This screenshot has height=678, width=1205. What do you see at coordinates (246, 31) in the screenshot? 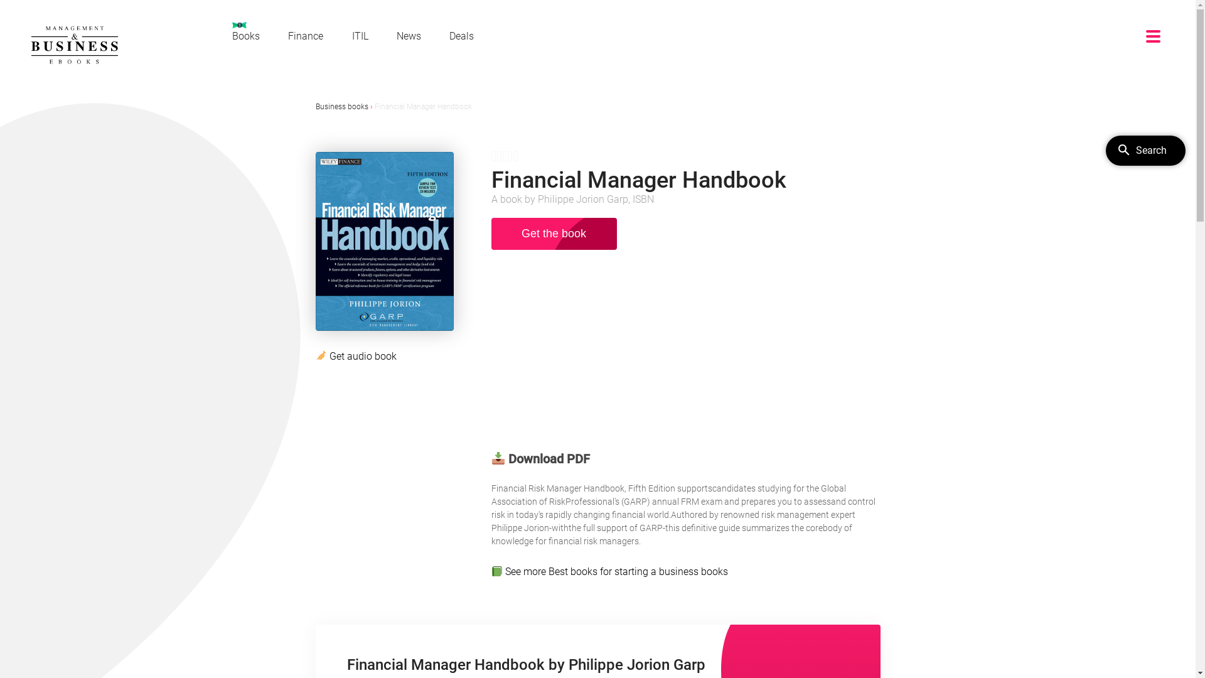
I see `'Books'` at bounding box center [246, 31].